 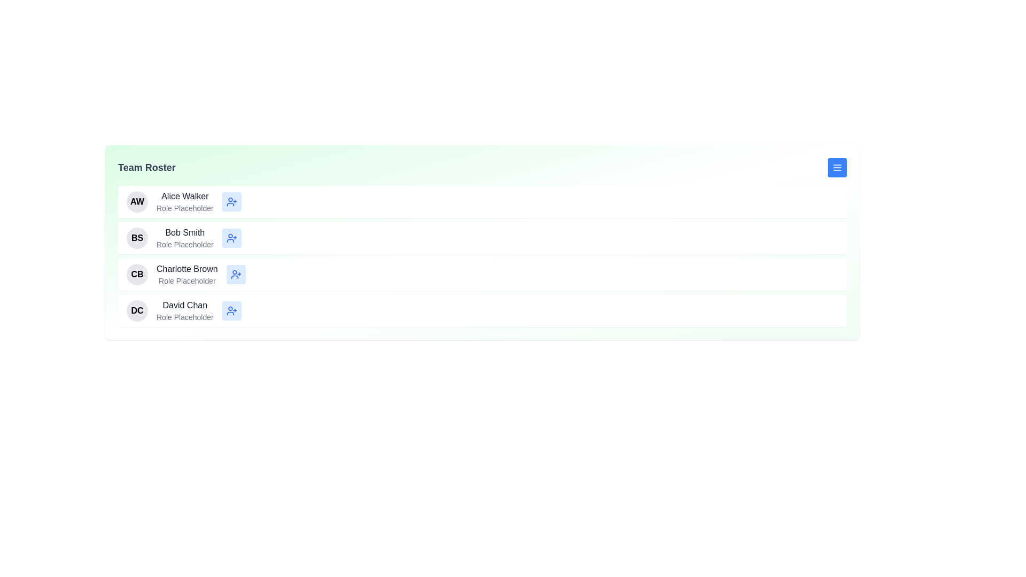 What do you see at coordinates (137, 274) in the screenshot?
I see `the circular badge with a light gray background containing bold black uppercase letters 'CB', which is part of the user details list, specifically preceding 'Charlotte Brown' and 'Role Placeholder'` at bounding box center [137, 274].